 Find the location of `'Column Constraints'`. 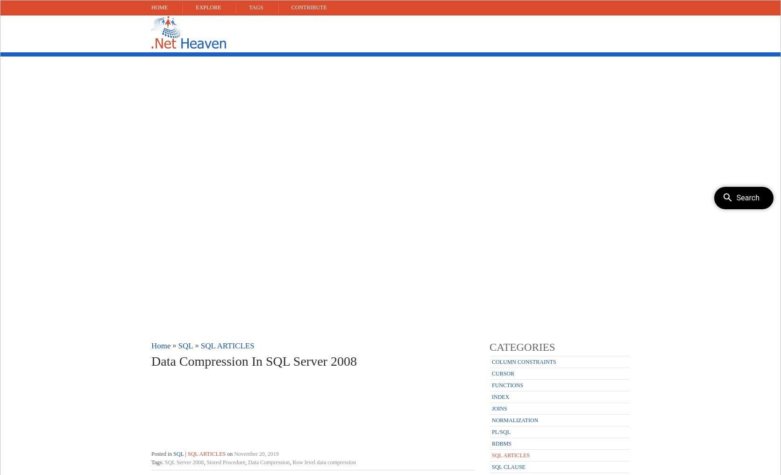

'Column Constraints' is located at coordinates (524, 362).